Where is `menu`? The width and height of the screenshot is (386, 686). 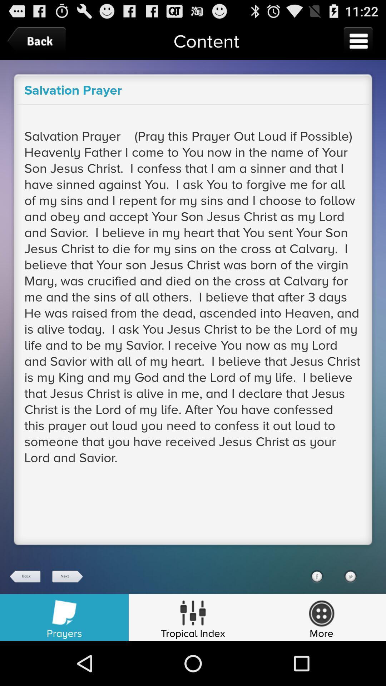
menu is located at coordinates (358, 41).